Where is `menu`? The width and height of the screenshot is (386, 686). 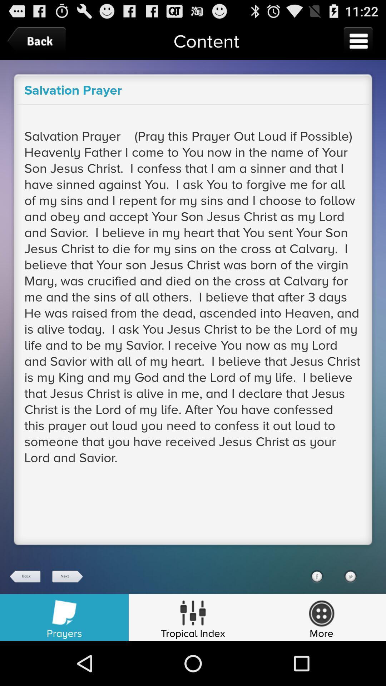
menu is located at coordinates (358, 41).